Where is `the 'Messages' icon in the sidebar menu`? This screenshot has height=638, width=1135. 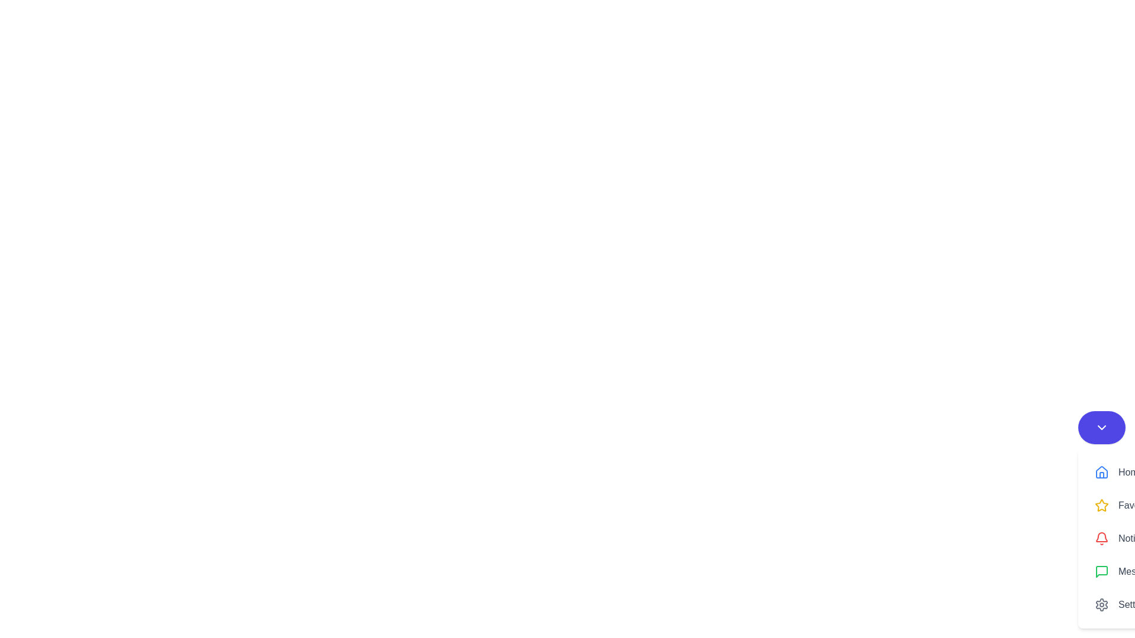
the 'Messages' icon in the sidebar menu is located at coordinates (1101, 571).